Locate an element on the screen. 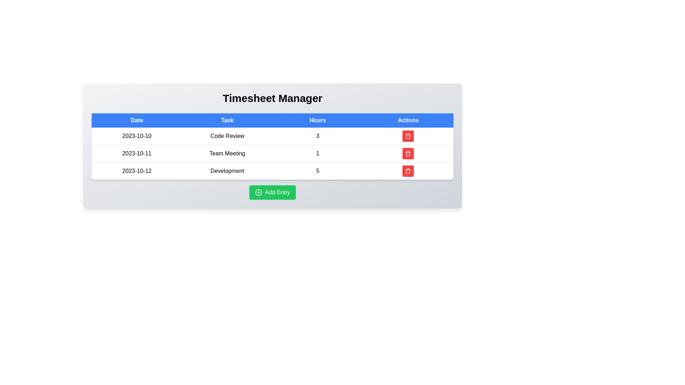 This screenshot has height=385, width=685. the red button with a white trashcan icon located is located at coordinates (408, 153).